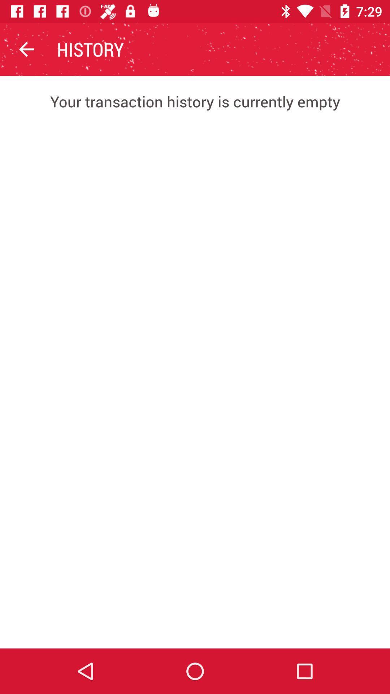 The width and height of the screenshot is (390, 694). Describe the element at coordinates (26, 49) in the screenshot. I see `the app to the left of history` at that location.